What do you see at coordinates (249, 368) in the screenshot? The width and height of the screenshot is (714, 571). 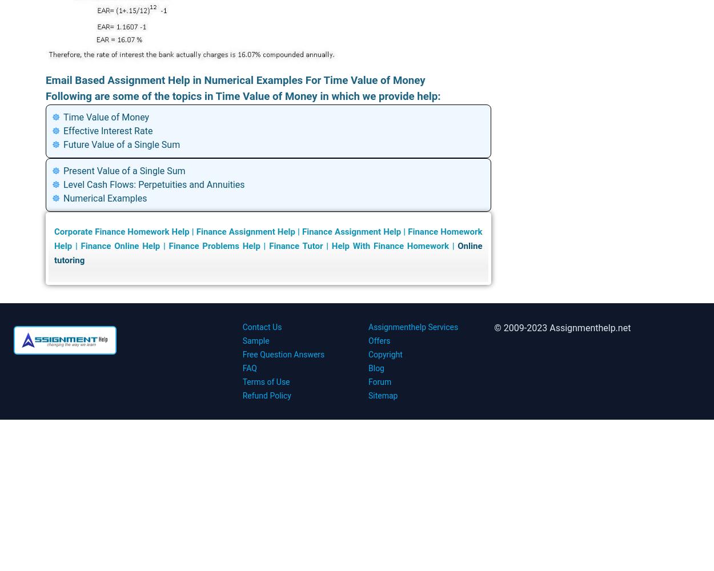 I see `'FAQ'` at bounding box center [249, 368].